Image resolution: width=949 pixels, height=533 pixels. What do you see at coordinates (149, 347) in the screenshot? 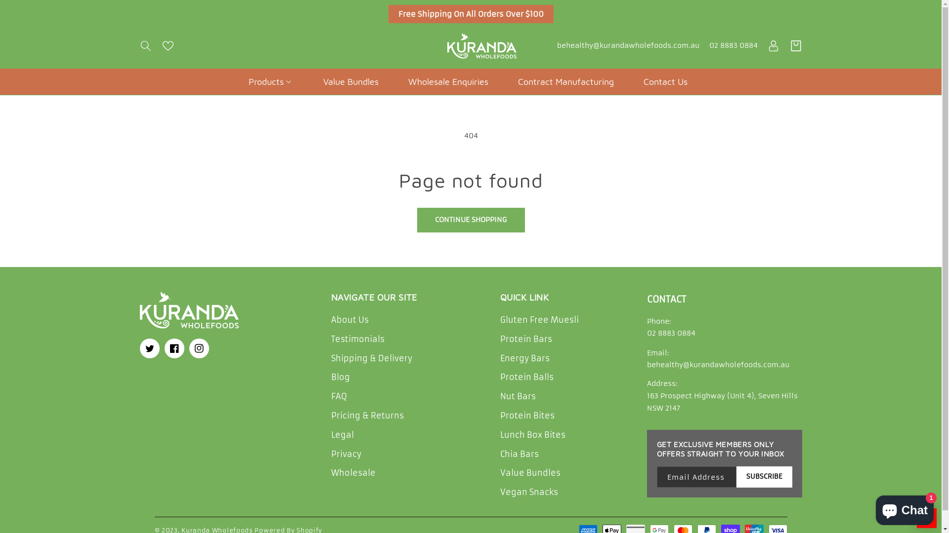
I see `'Twitter'` at bounding box center [149, 347].